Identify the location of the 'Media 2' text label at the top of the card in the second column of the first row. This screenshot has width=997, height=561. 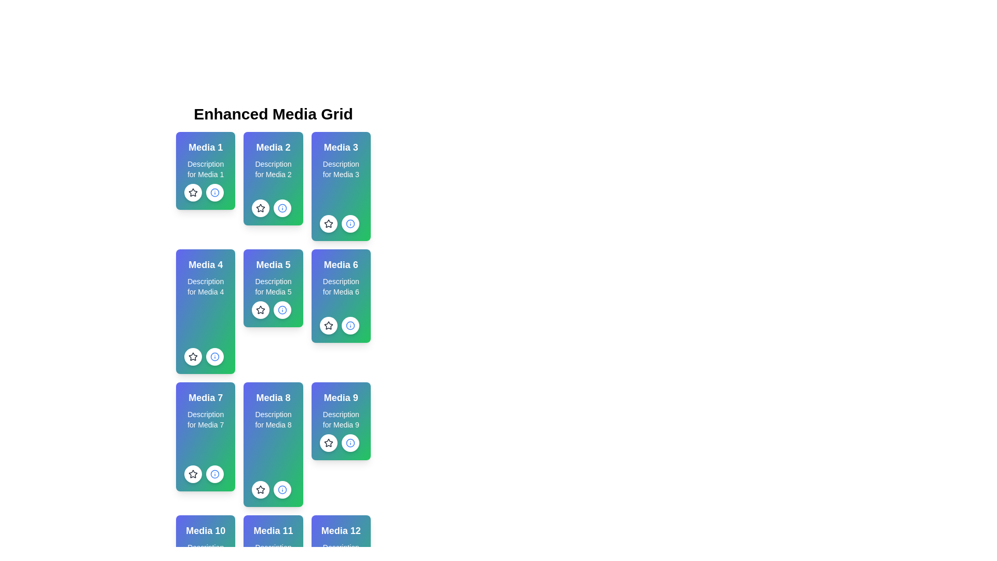
(273, 148).